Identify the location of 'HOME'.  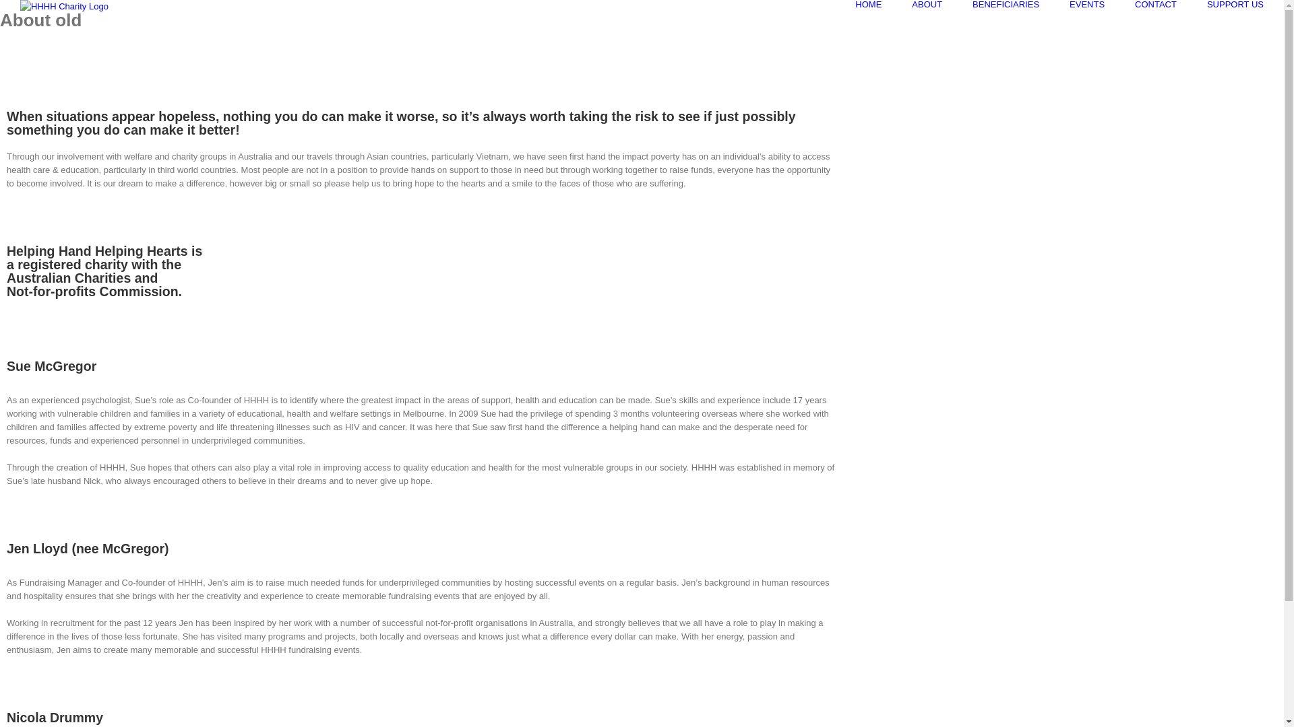
(868, 4).